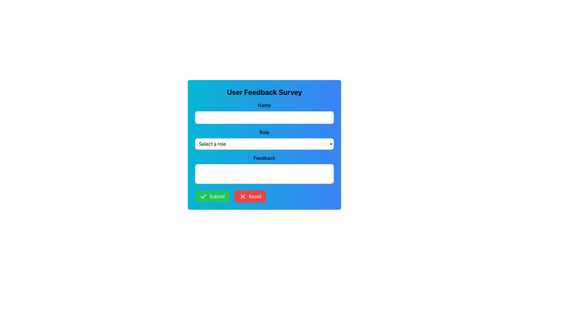 This screenshot has width=577, height=324. I want to click on the submit button located at the bottom-left corner of the form, next to the 'Reset' button with a red background, so click(212, 196).